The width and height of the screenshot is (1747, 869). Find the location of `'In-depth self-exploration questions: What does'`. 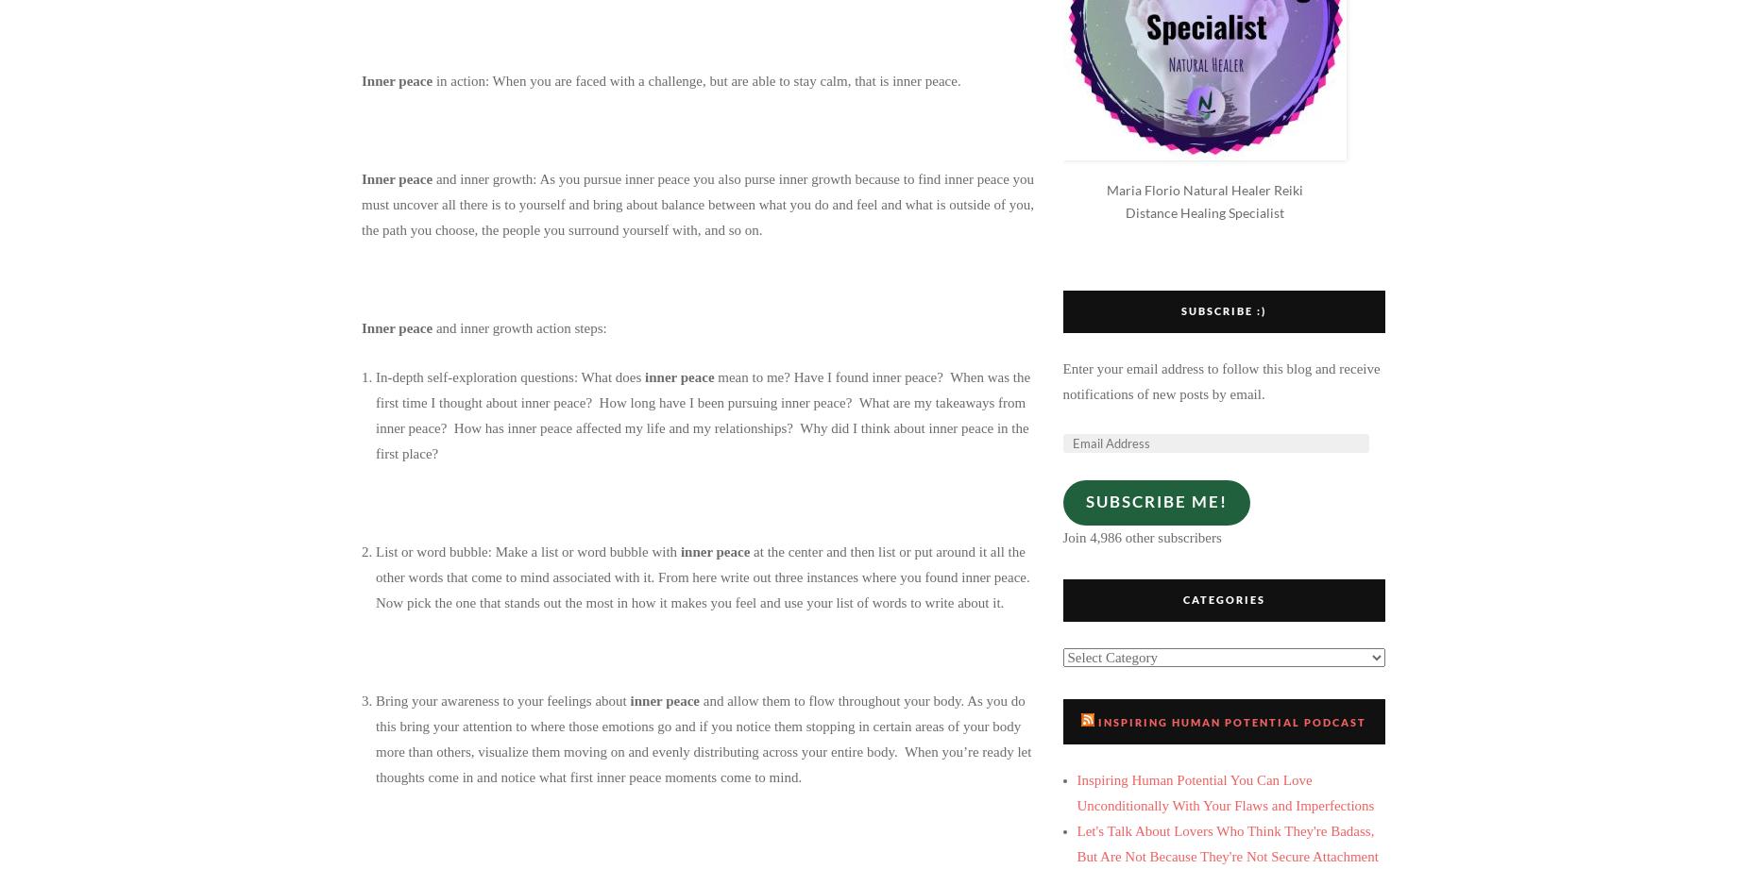

'In-depth self-exploration questions: What does' is located at coordinates (374, 376).